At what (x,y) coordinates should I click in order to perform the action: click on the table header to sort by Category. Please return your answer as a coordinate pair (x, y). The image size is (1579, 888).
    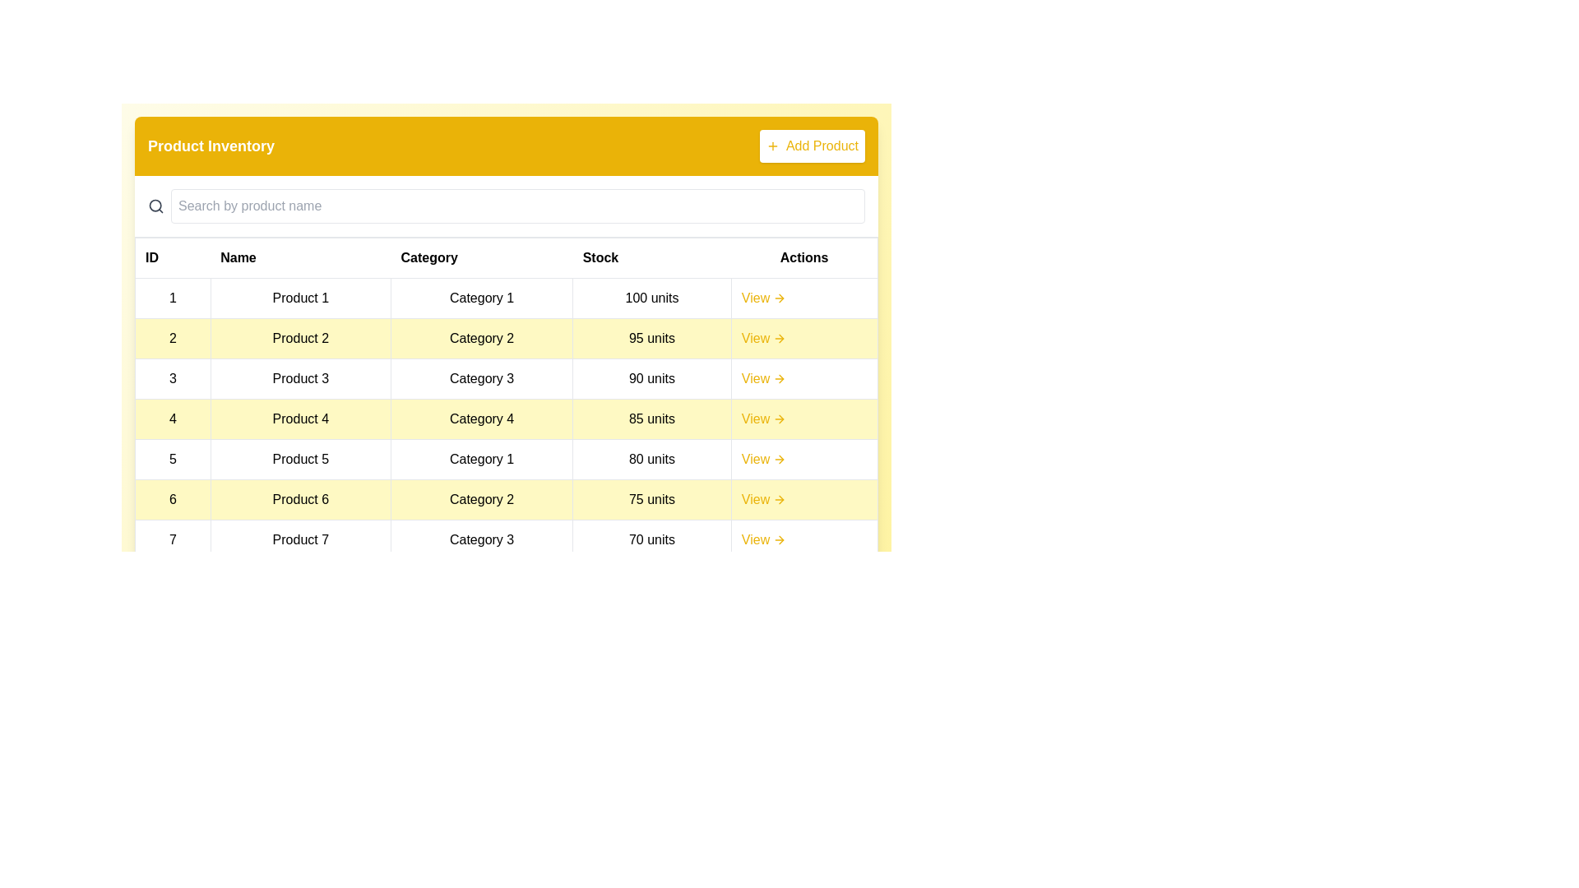
    Looking at the image, I should click on (480, 257).